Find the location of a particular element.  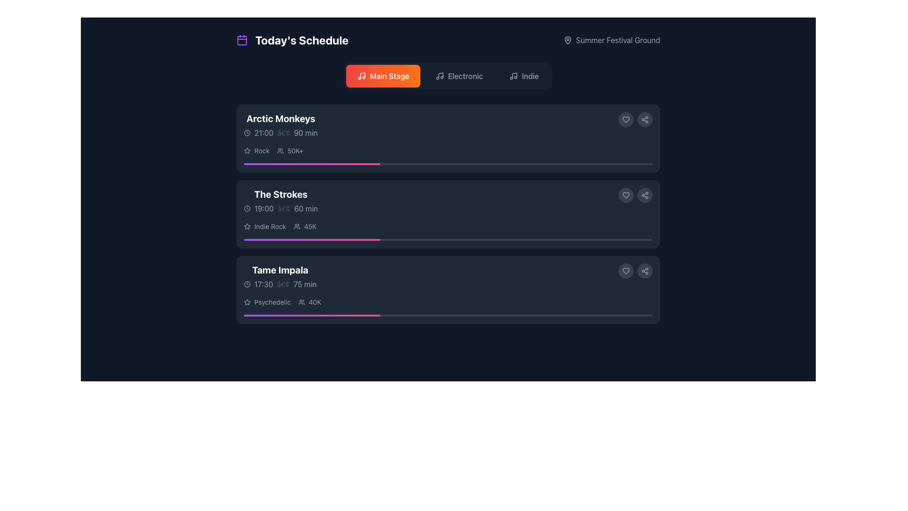

bold white text 'Arctic Monkeys' prominently displayed at the top of the first card in the list of scheduled performances to understand the event's title is located at coordinates (280, 118).